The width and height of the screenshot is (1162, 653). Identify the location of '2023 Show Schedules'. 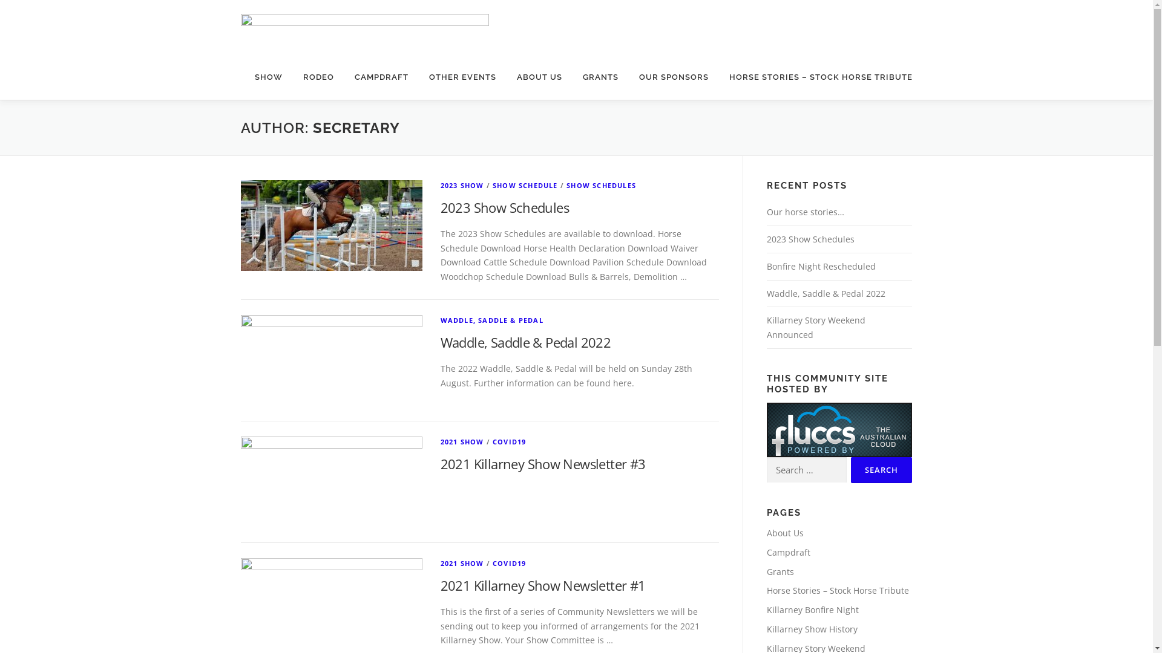
(505, 207).